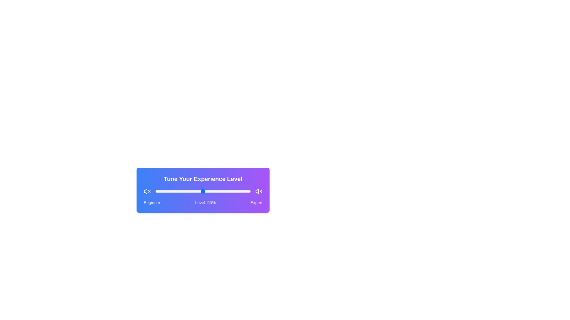 The width and height of the screenshot is (570, 320). Describe the element at coordinates (259, 191) in the screenshot. I see `the speaker icon on the right of the slider` at that location.